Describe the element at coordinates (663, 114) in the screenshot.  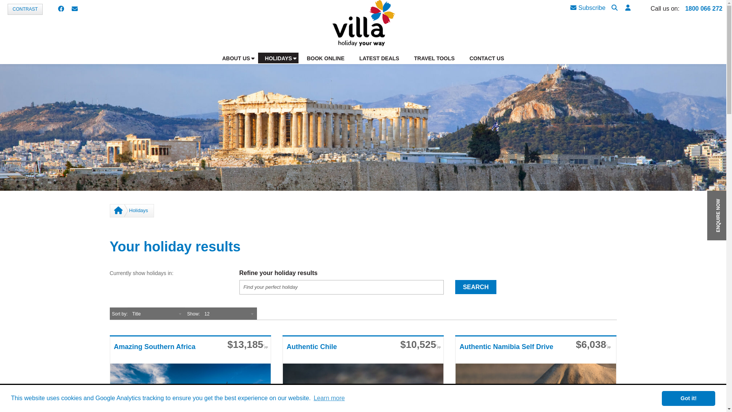
I see `'Login'` at that location.